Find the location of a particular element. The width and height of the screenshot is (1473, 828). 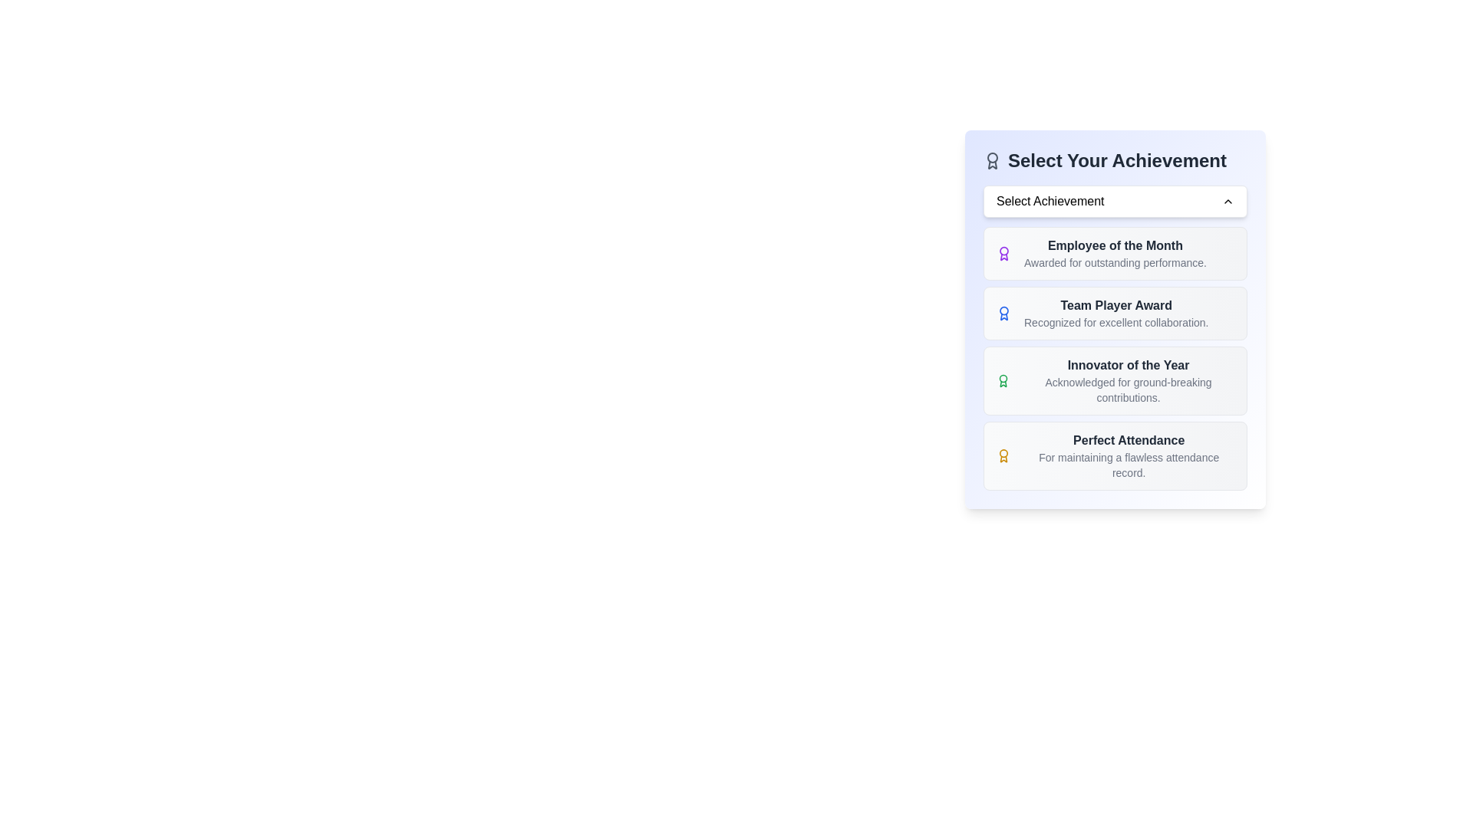

the 'Perfect Attendance' achievement card, which is the last card in a vertical list of achievement cards is located at coordinates (1115, 455).